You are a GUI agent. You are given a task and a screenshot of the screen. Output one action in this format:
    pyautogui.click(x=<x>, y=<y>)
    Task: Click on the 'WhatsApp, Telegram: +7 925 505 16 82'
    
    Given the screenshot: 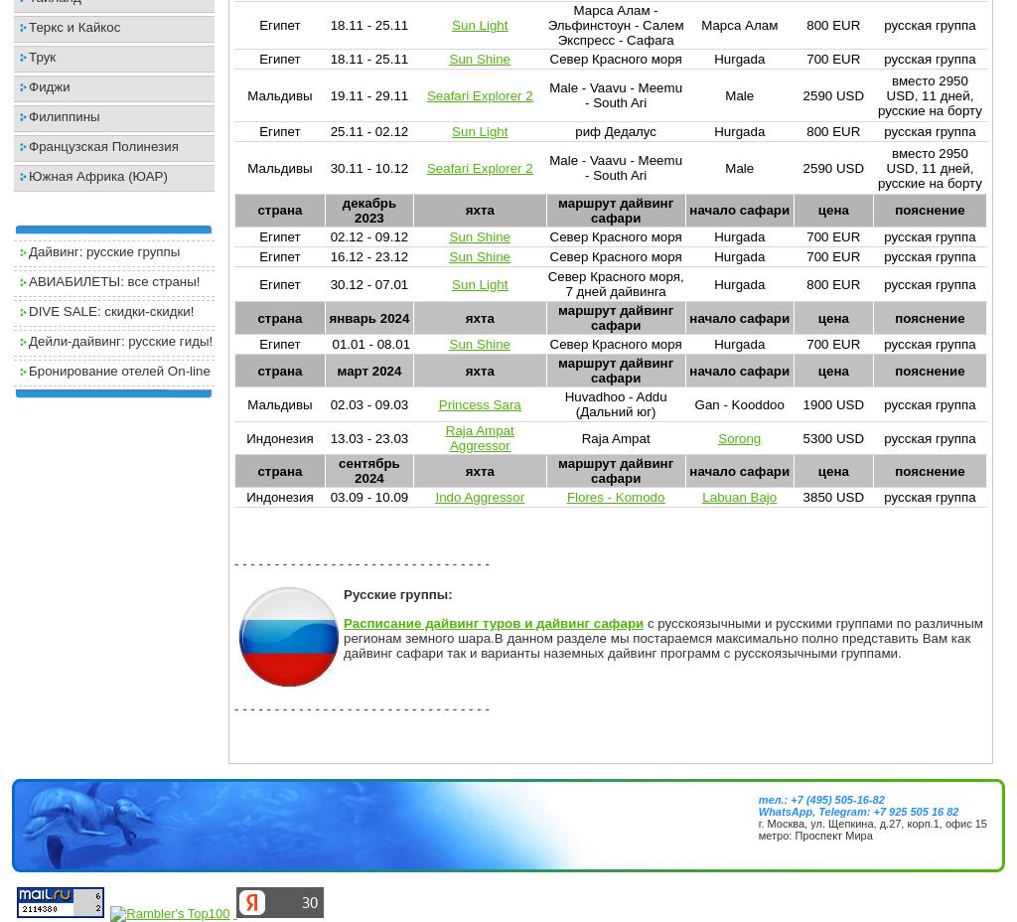 What is the action you would take?
    pyautogui.click(x=756, y=810)
    